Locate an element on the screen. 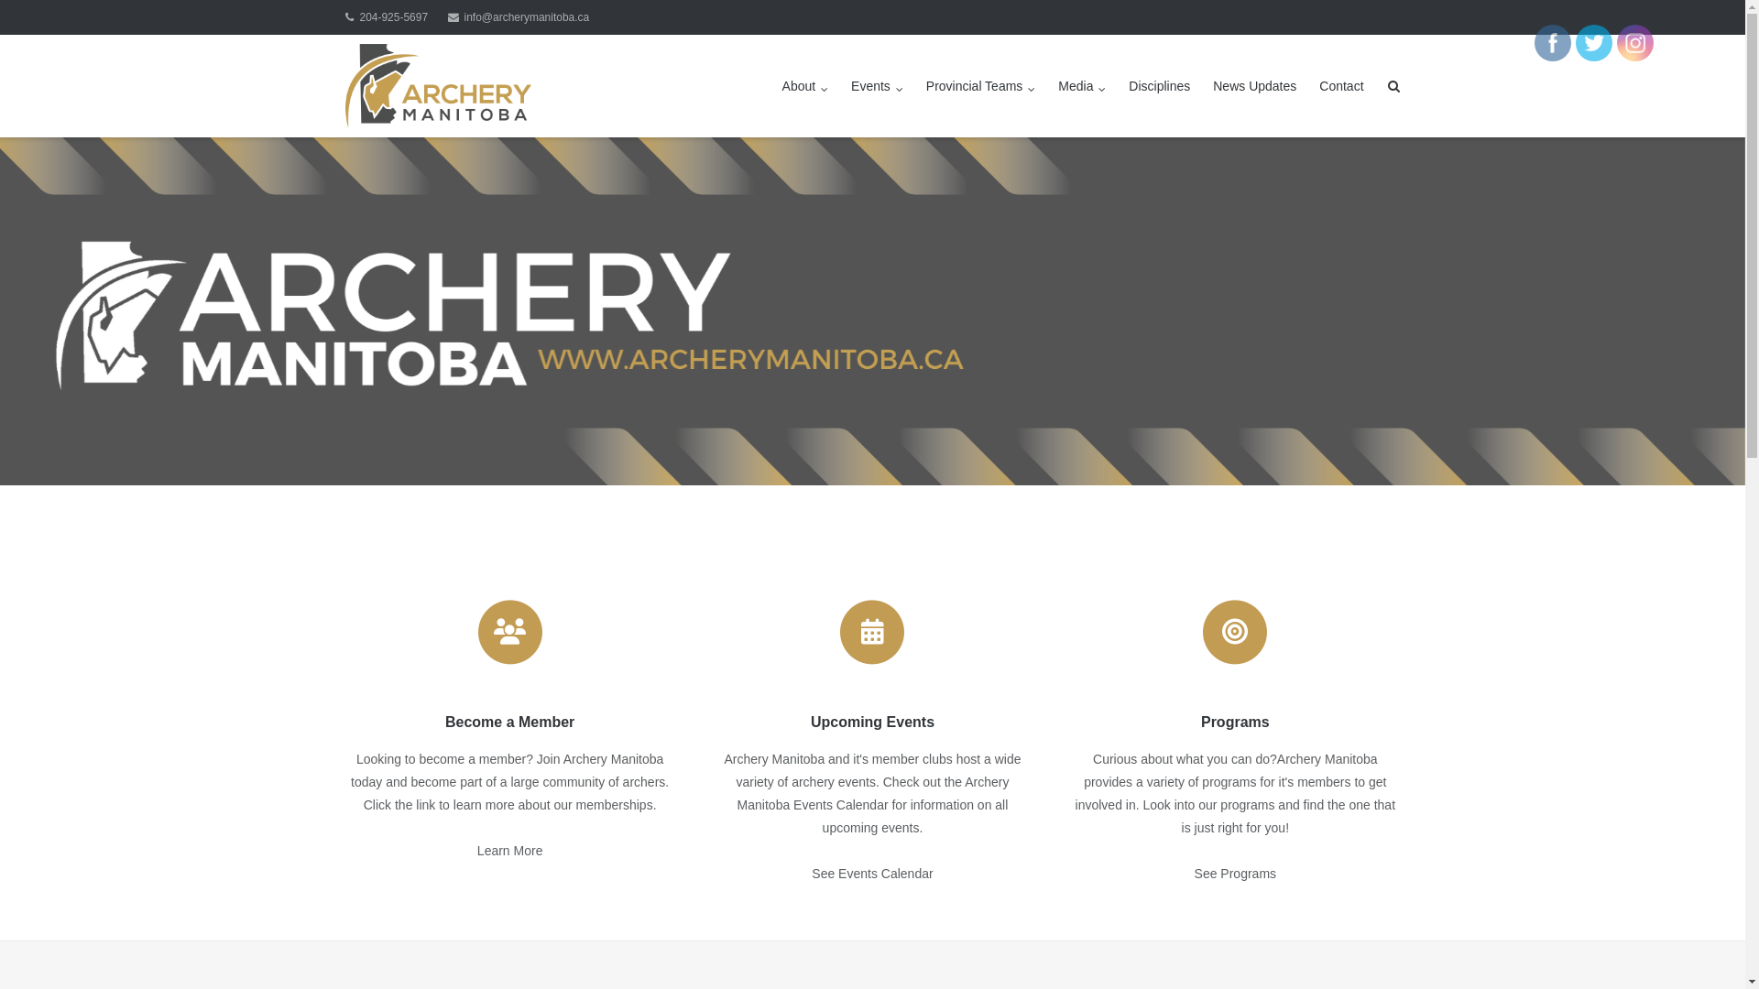  'Instagram' is located at coordinates (1635, 41).